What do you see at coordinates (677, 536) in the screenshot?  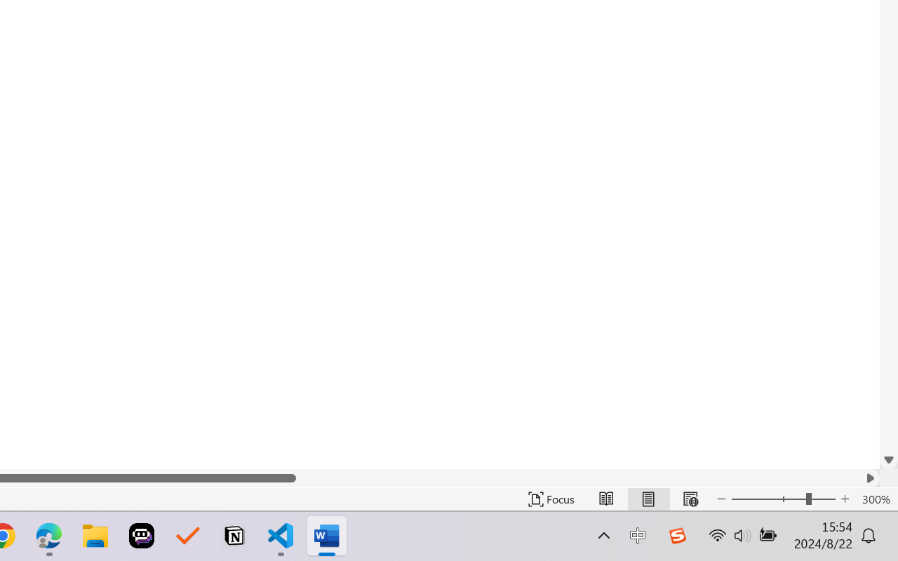 I see `'Class: Image'` at bounding box center [677, 536].